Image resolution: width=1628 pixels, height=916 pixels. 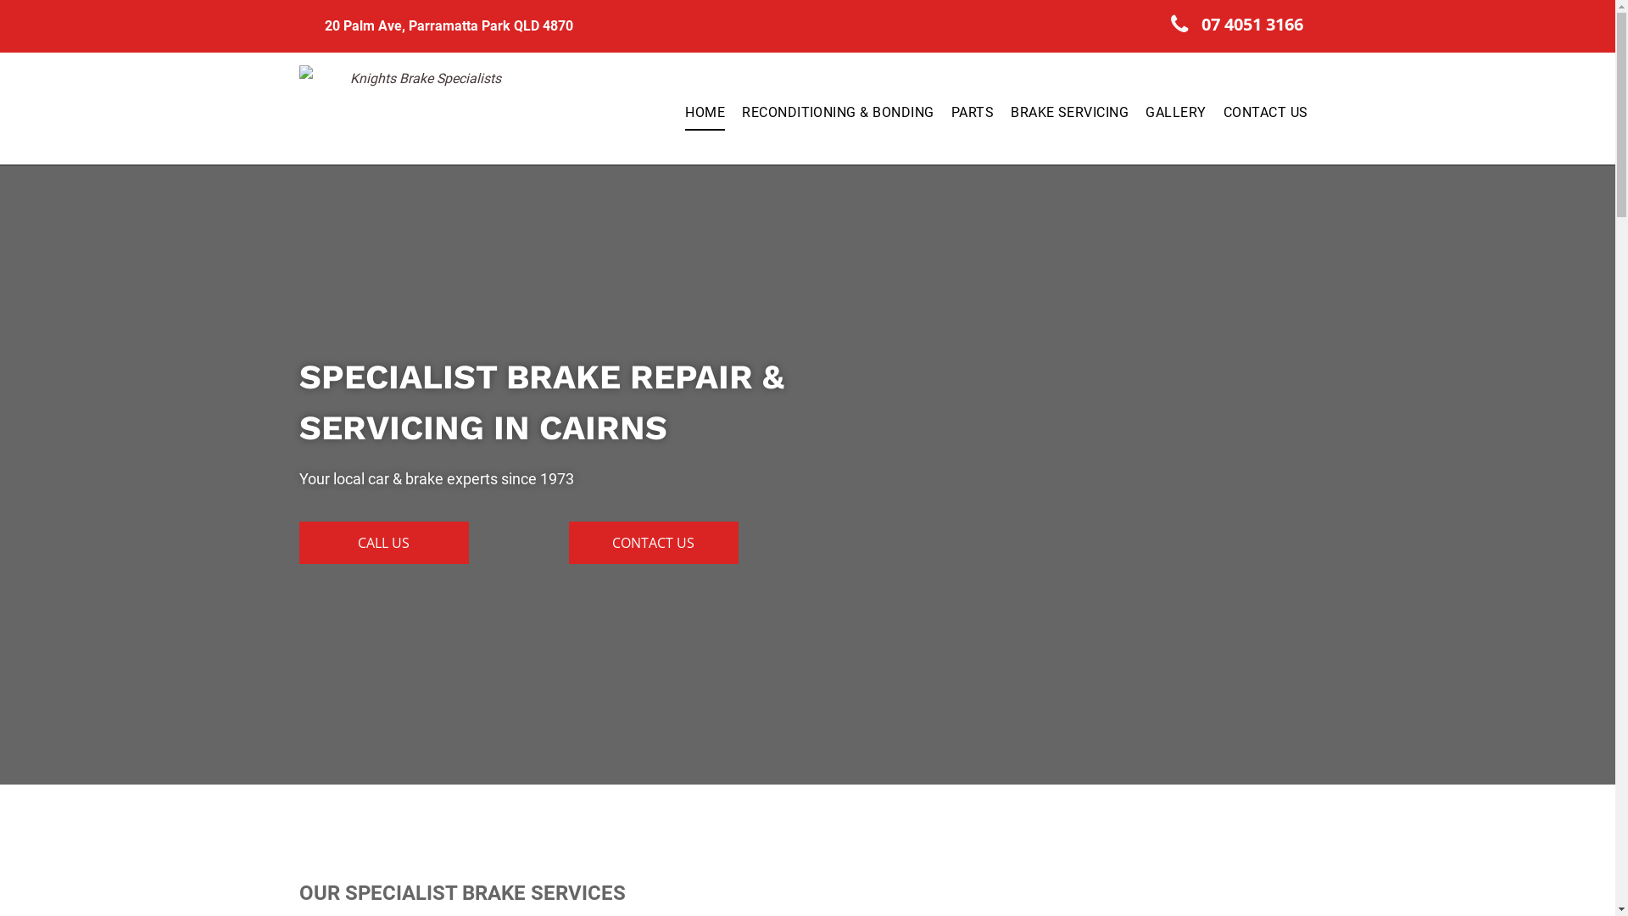 I want to click on 'Knights Brake Specialists', so click(x=418, y=108).